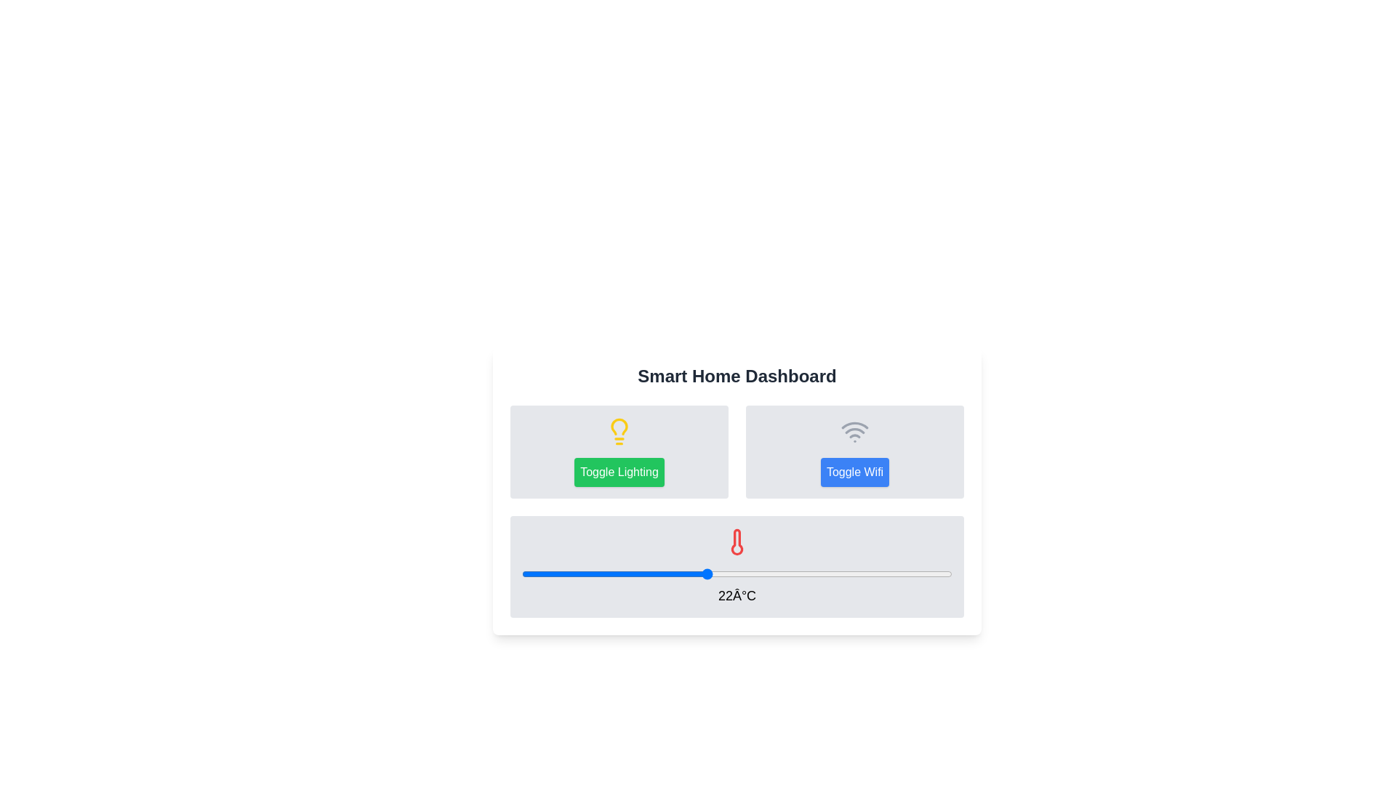  I want to click on the 'Toggle Wifi' button located in the upper-right quadrant of the interface, which features a WiFi icon above a blue button with rounded edges, so click(855, 451).